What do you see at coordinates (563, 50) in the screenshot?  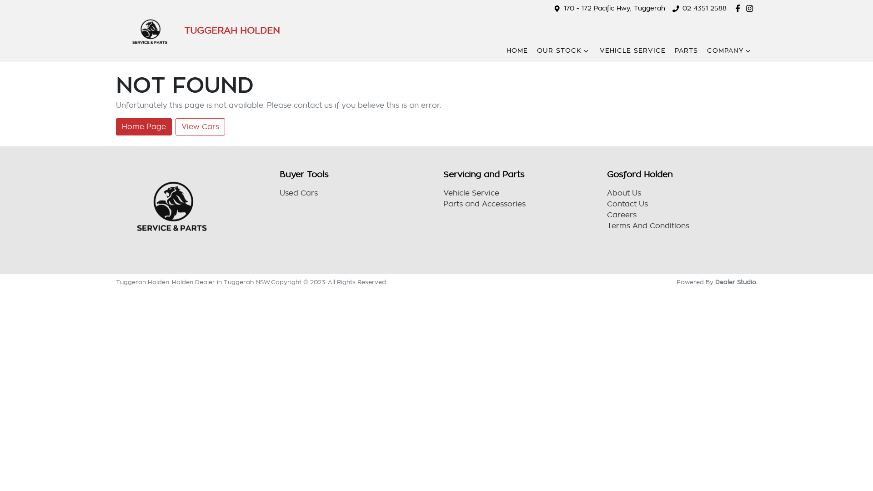 I see `'OUR STOCK'` at bounding box center [563, 50].